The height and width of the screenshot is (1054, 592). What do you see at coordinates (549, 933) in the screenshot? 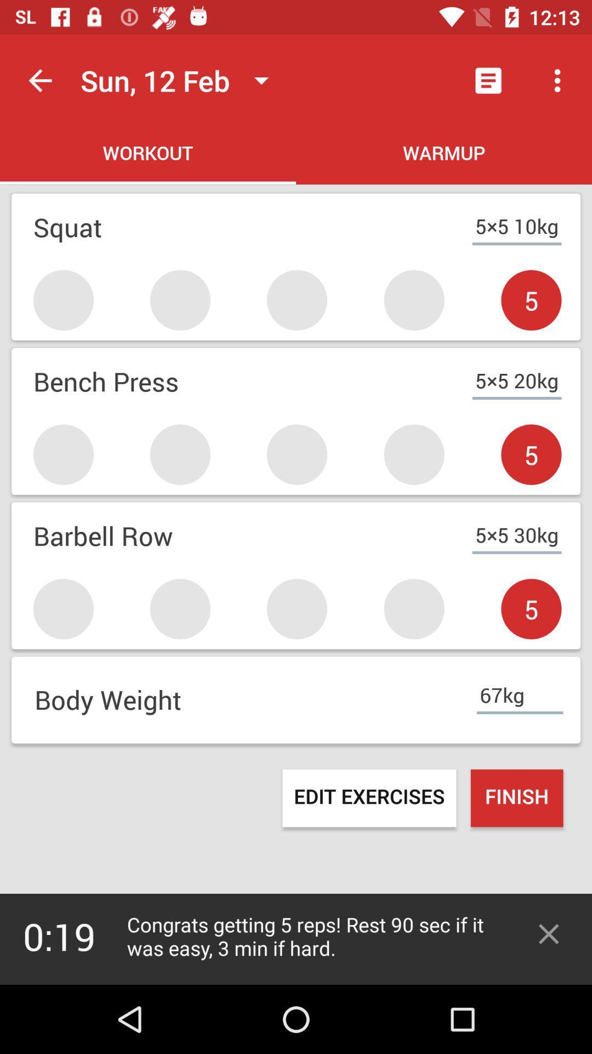
I see `to close the timer` at bounding box center [549, 933].